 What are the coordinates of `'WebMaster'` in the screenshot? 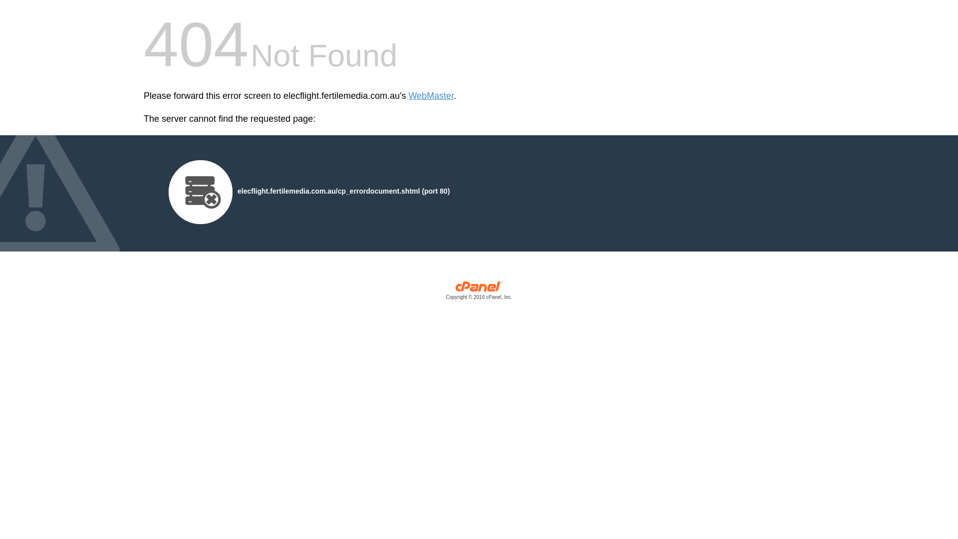 It's located at (431, 96).